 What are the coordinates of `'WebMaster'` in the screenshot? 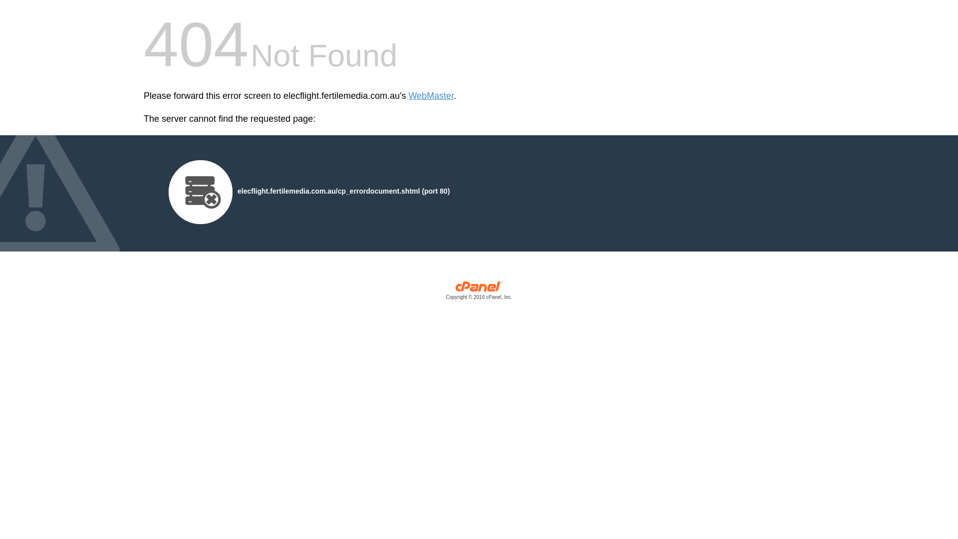 It's located at (431, 96).